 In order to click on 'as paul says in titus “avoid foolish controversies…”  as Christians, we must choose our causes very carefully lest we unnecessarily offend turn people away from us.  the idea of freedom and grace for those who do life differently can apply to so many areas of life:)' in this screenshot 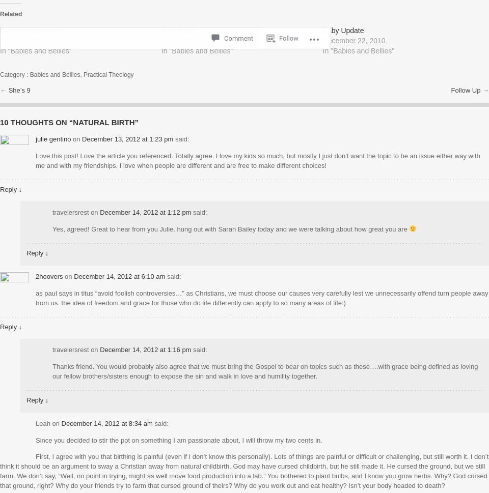, I will do `click(261, 297)`.